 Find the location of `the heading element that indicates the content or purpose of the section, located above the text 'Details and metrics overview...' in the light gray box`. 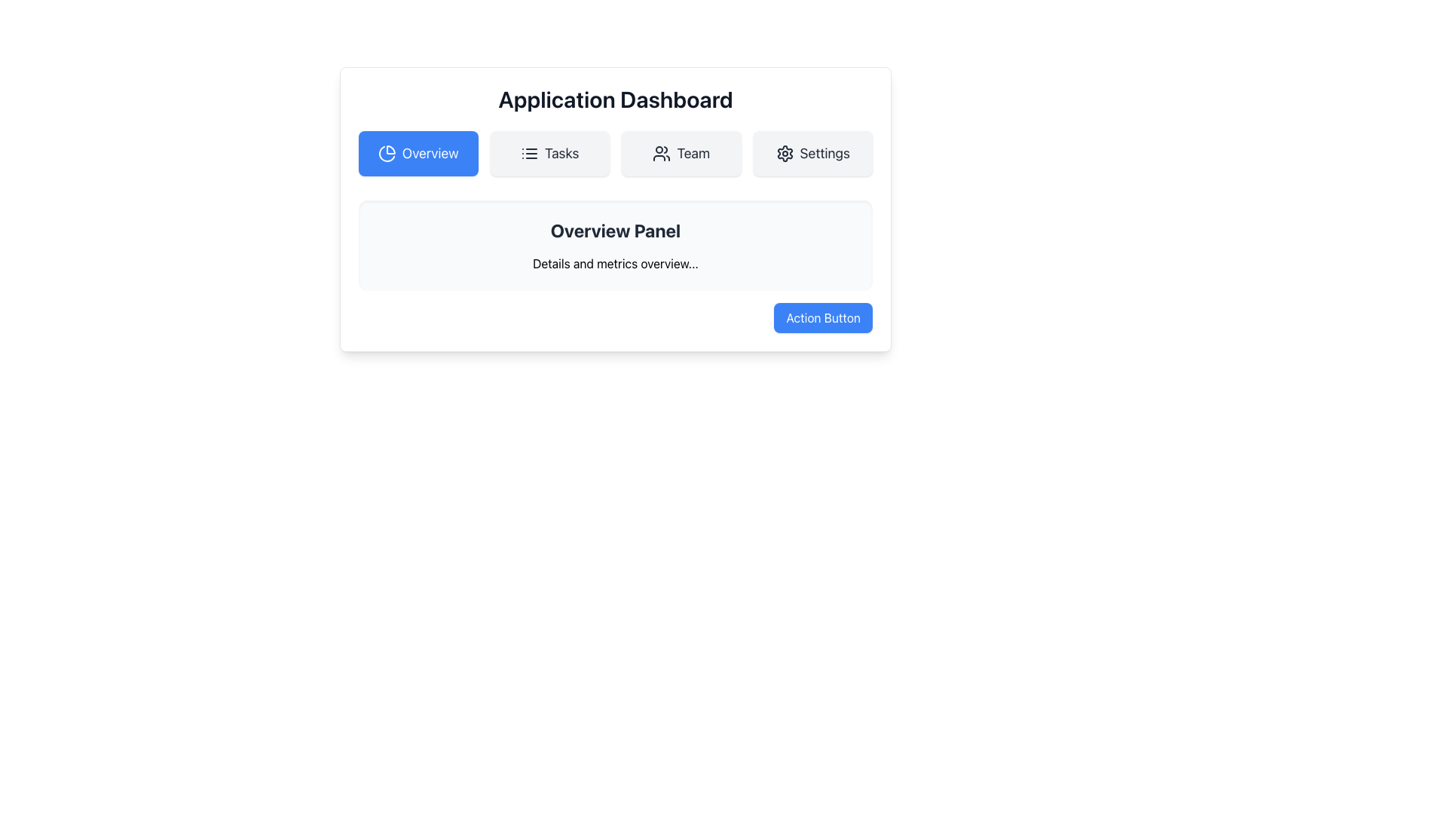

the heading element that indicates the content or purpose of the section, located above the text 'Details and metrics overview...' in the light gray box is located at coordinates (615, 230).